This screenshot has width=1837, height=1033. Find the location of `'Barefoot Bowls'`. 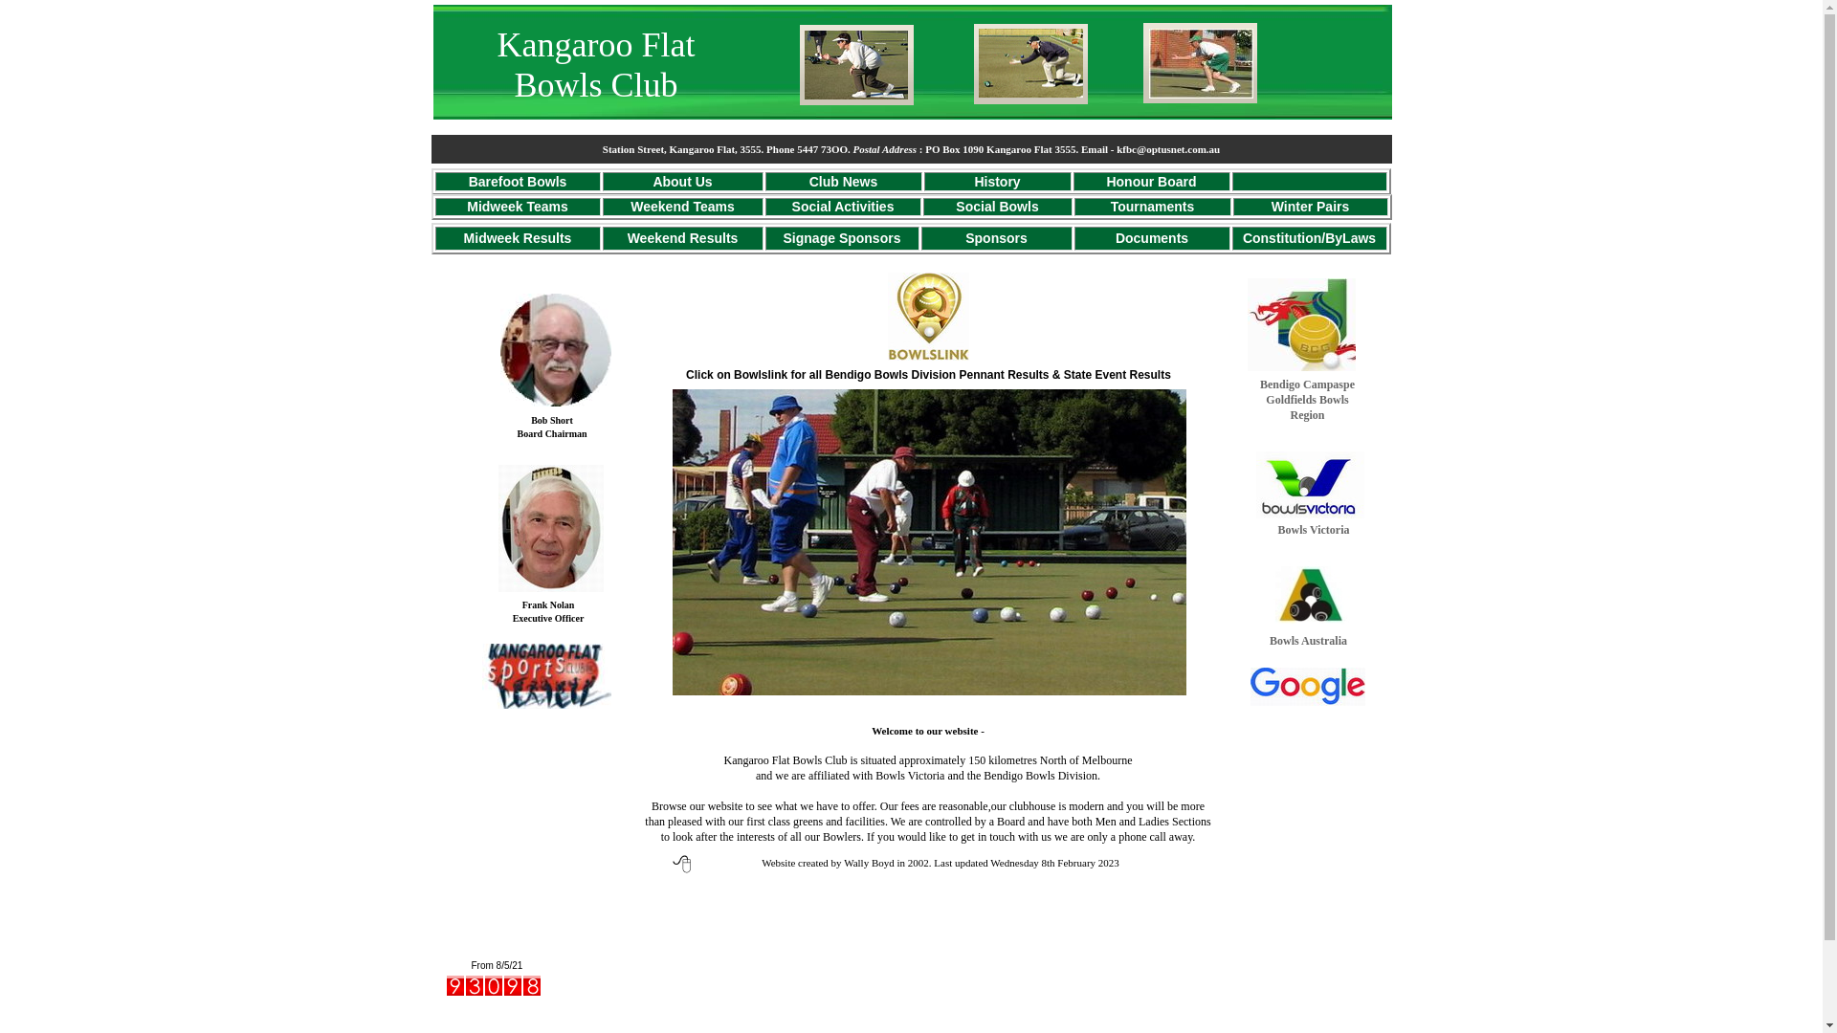

'Barefoot Bowls' is located at coordinates (518, 180).